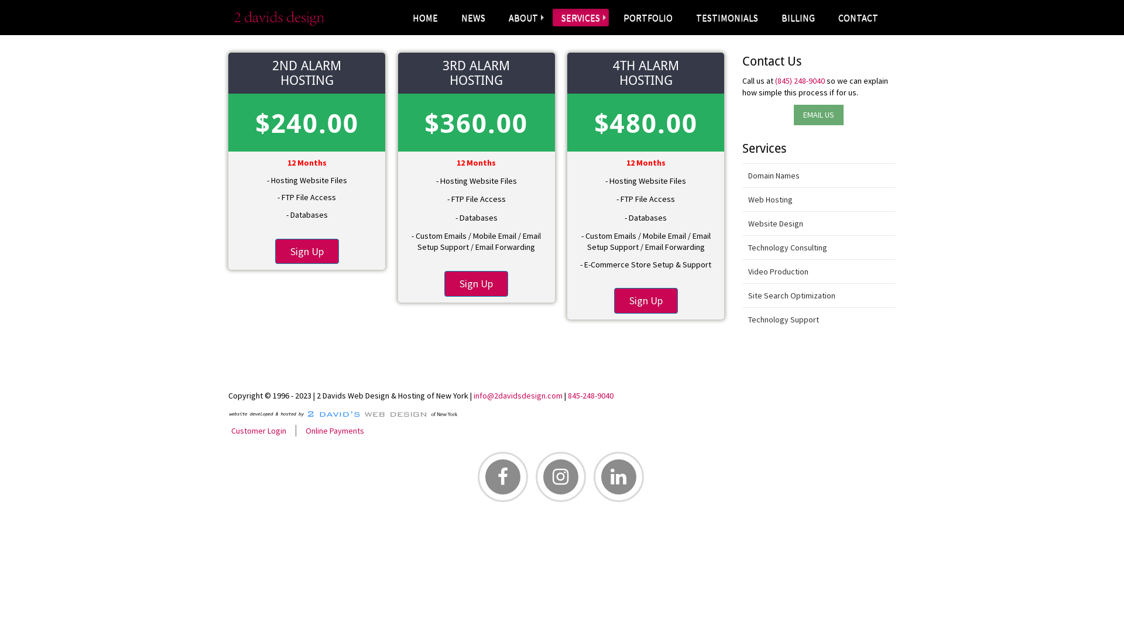 The image size is (1124, 632). I want to click on 'Video Production', so click(818, 272).